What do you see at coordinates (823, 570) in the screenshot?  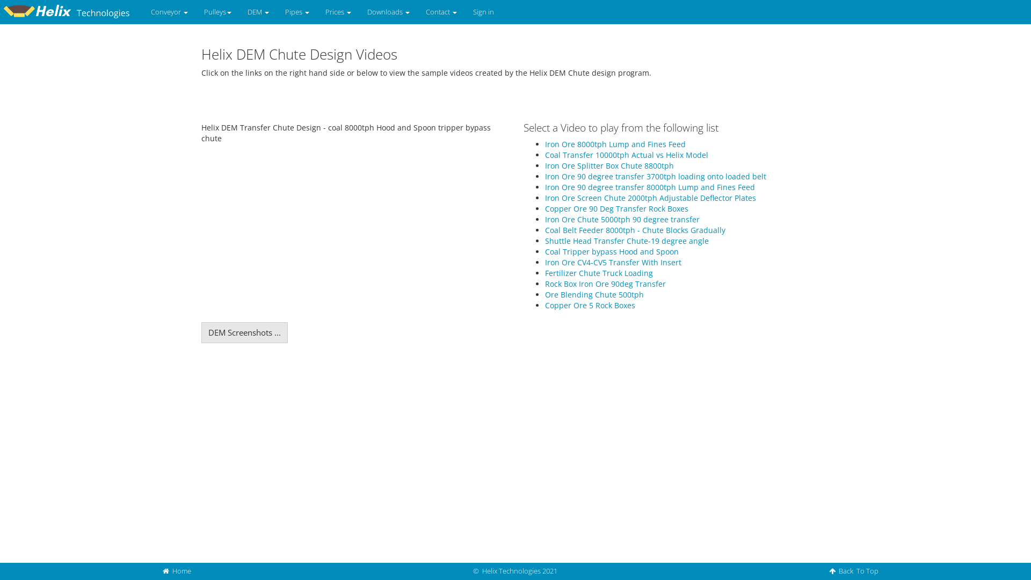 I see `'  Back  To Top'` at bounding box center [823, 570].